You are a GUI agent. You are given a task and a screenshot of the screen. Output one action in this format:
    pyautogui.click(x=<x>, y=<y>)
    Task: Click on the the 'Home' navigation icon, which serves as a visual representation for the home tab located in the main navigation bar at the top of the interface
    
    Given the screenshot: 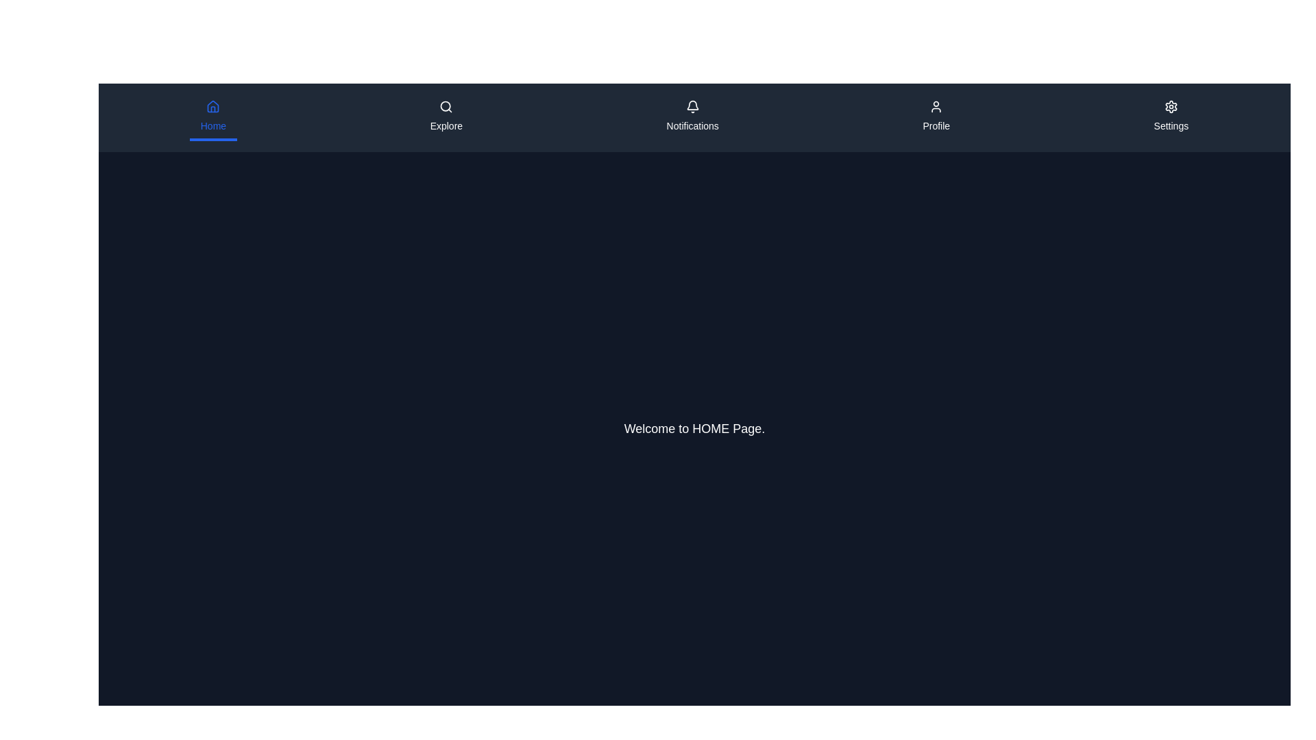 What is the action you would take?
    pyautogui.click(x=212, y=106)
    